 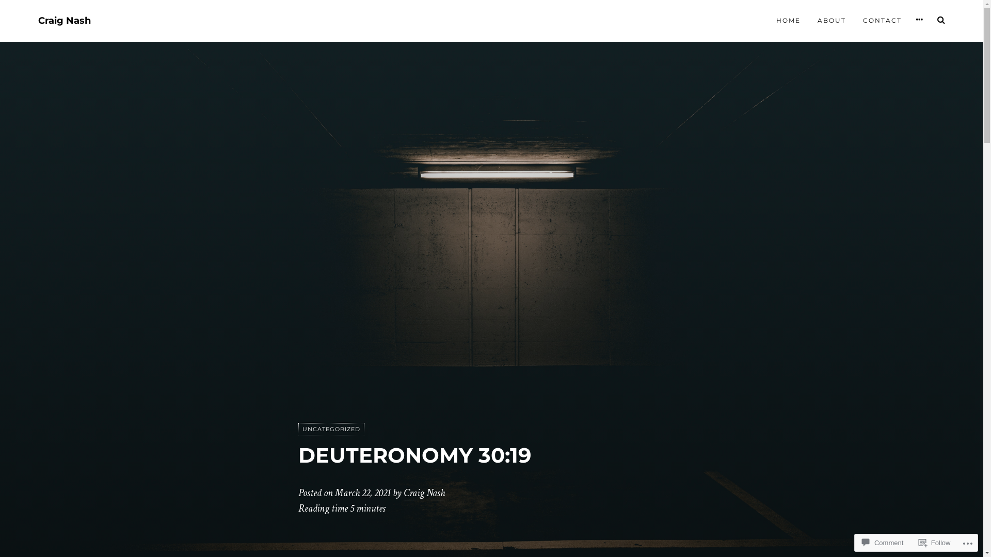 What do you see at coordinates (832, 20) in the screenshot?
I see `'ABOUT'` at bounding box center [832, 20].